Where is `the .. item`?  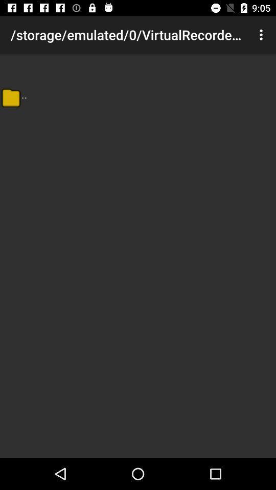
the .. item is located at coordinates (24, 94).